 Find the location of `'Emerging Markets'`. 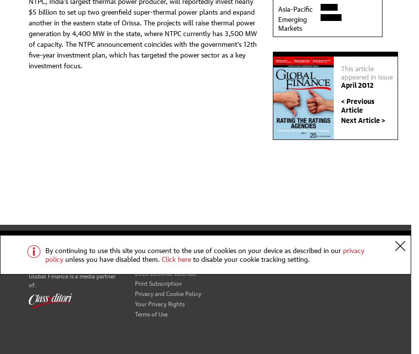

'Emerging Markets' is located at coordinates (291, 22).